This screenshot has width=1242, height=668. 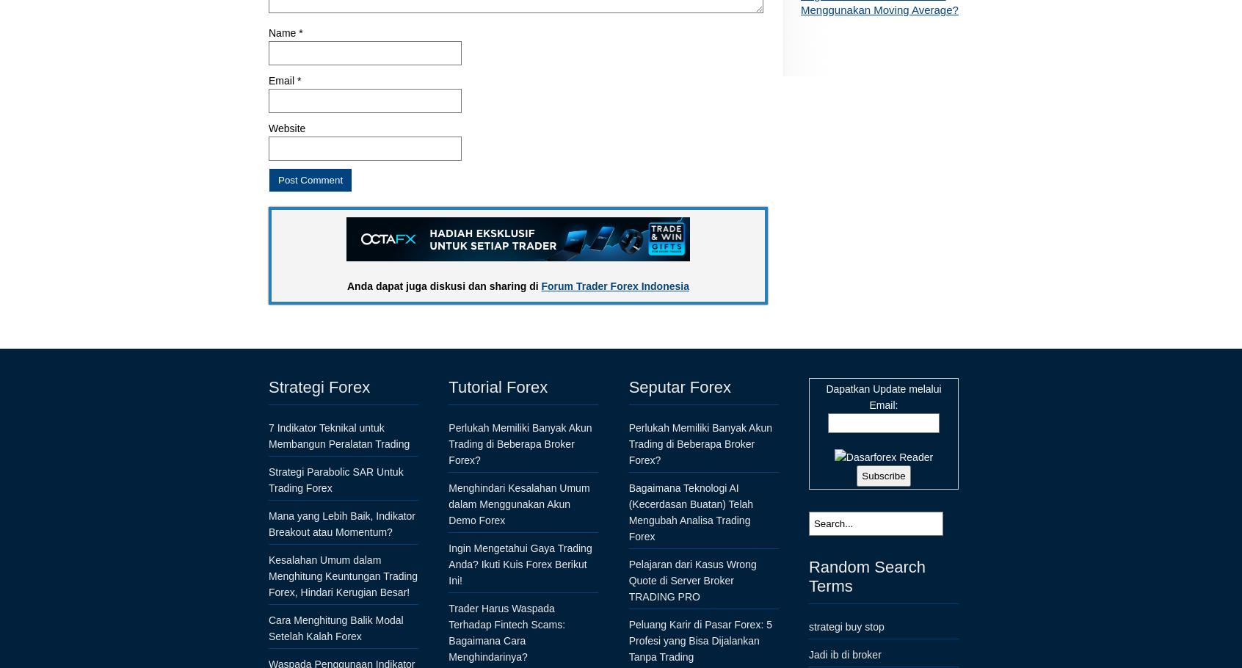 What do you see at coordinates (282, 80) in the screenshot?
I see `'Email'` at bounding box center [282, 80].